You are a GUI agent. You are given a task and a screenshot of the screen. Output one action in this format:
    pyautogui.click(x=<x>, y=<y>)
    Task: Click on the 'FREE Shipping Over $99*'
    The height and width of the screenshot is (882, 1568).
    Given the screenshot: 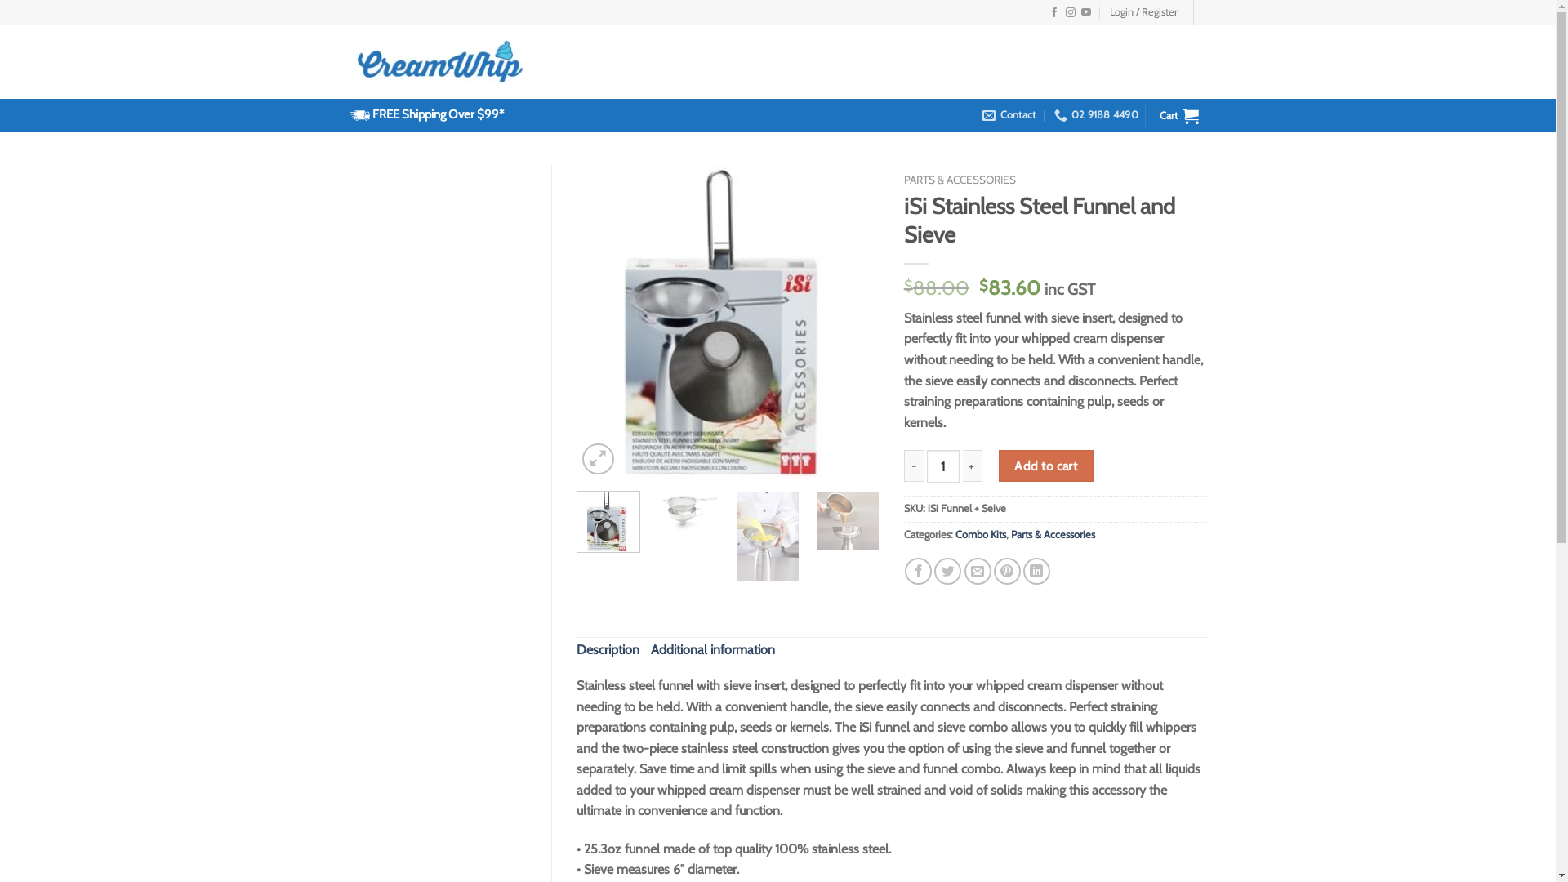 What is the action you would take?
    pyautogui.click(x=438, y=113)
    